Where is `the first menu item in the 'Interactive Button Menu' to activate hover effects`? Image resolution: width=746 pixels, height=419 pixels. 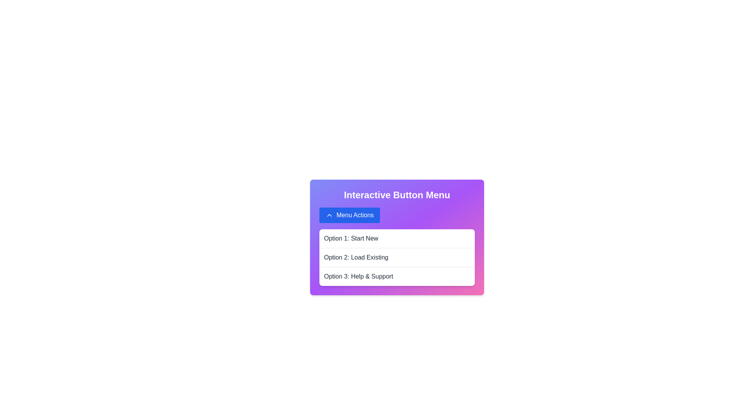
the first menu item in the 'Interactive Button Menu' to activate hover effects is located at coordinates (397, 238).